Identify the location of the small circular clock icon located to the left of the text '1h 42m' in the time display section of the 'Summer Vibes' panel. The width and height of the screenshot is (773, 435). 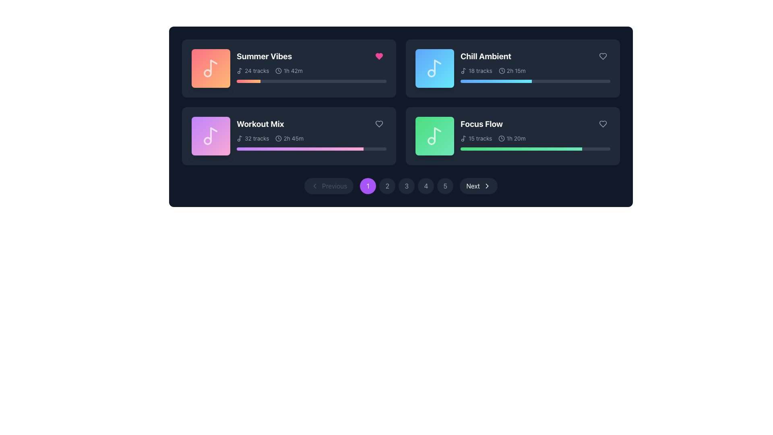
(279, 70).